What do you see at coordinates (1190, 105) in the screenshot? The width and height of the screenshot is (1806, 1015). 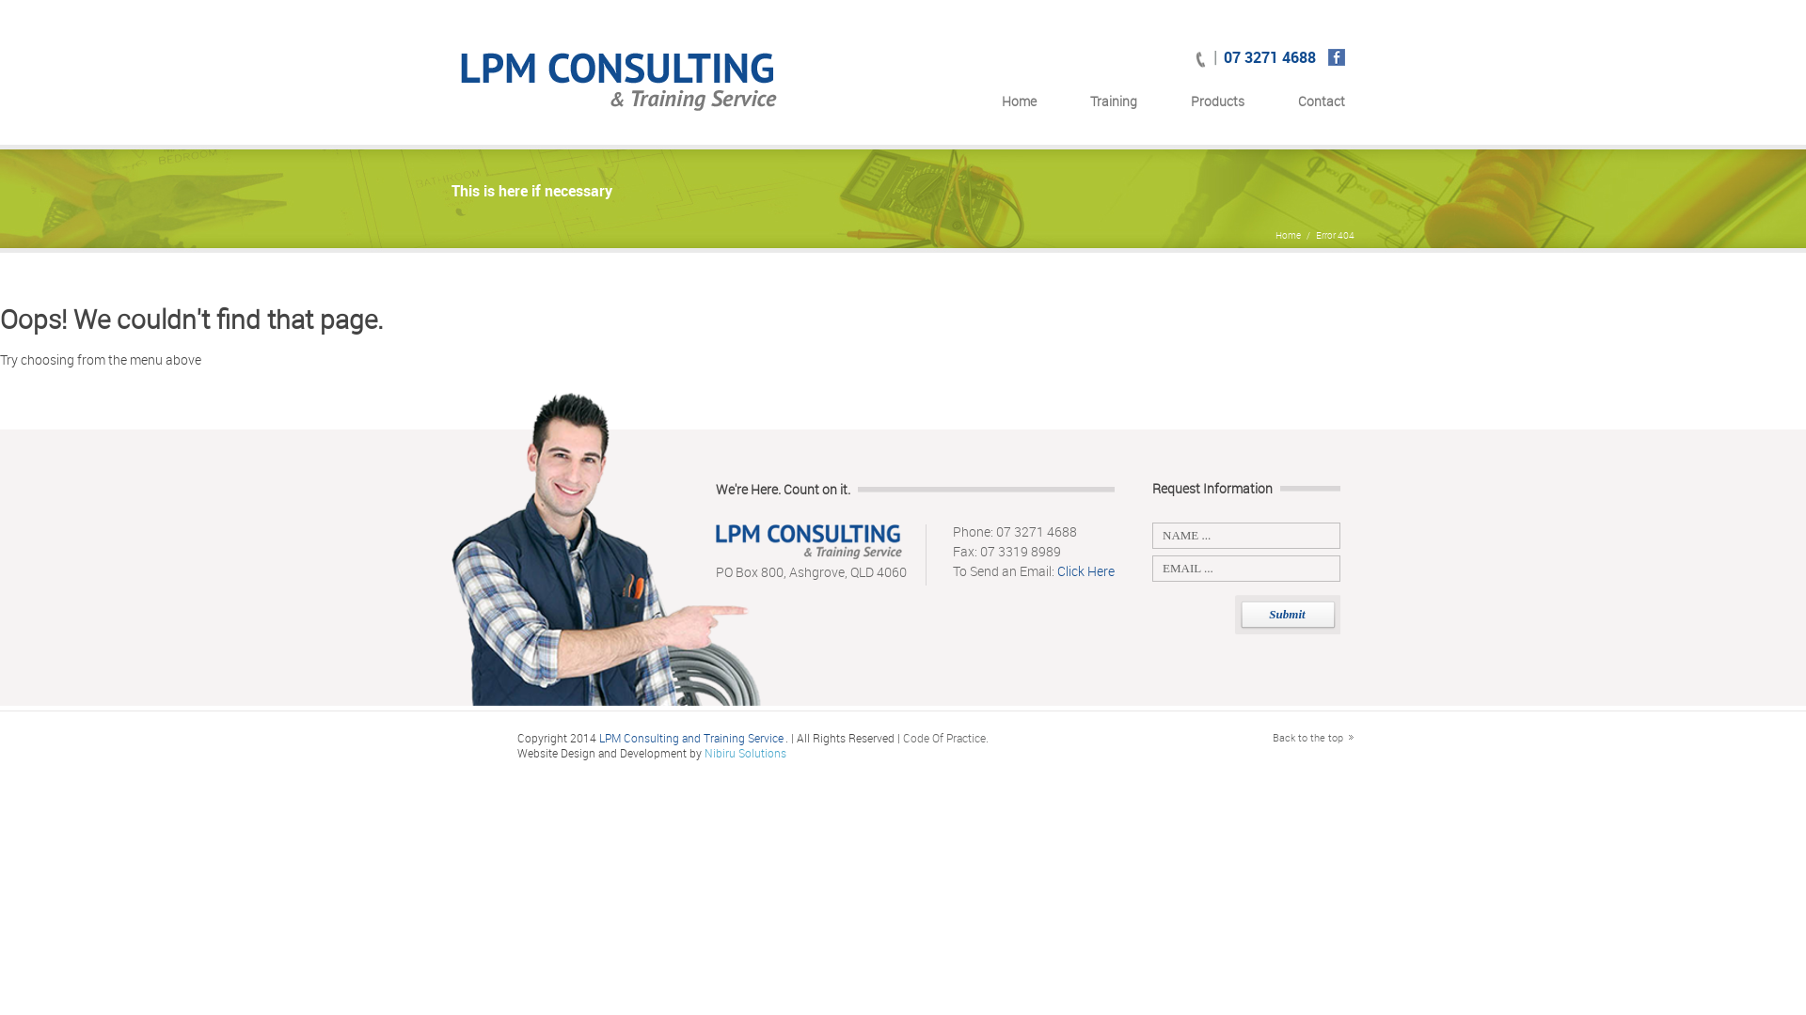 I see `'Products'` at bounding box center [1190, 105].